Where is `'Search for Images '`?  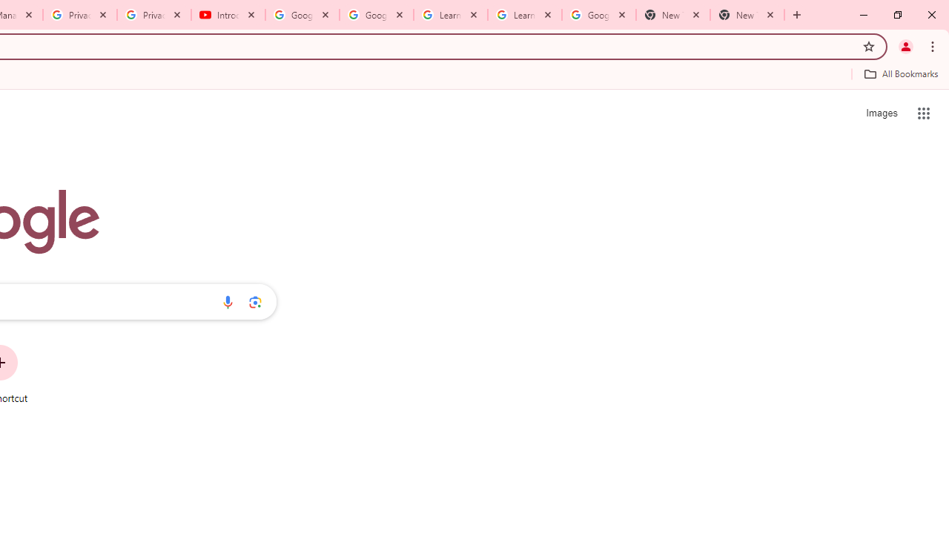 'Search for Images ' is located at coordinates (882, 113).